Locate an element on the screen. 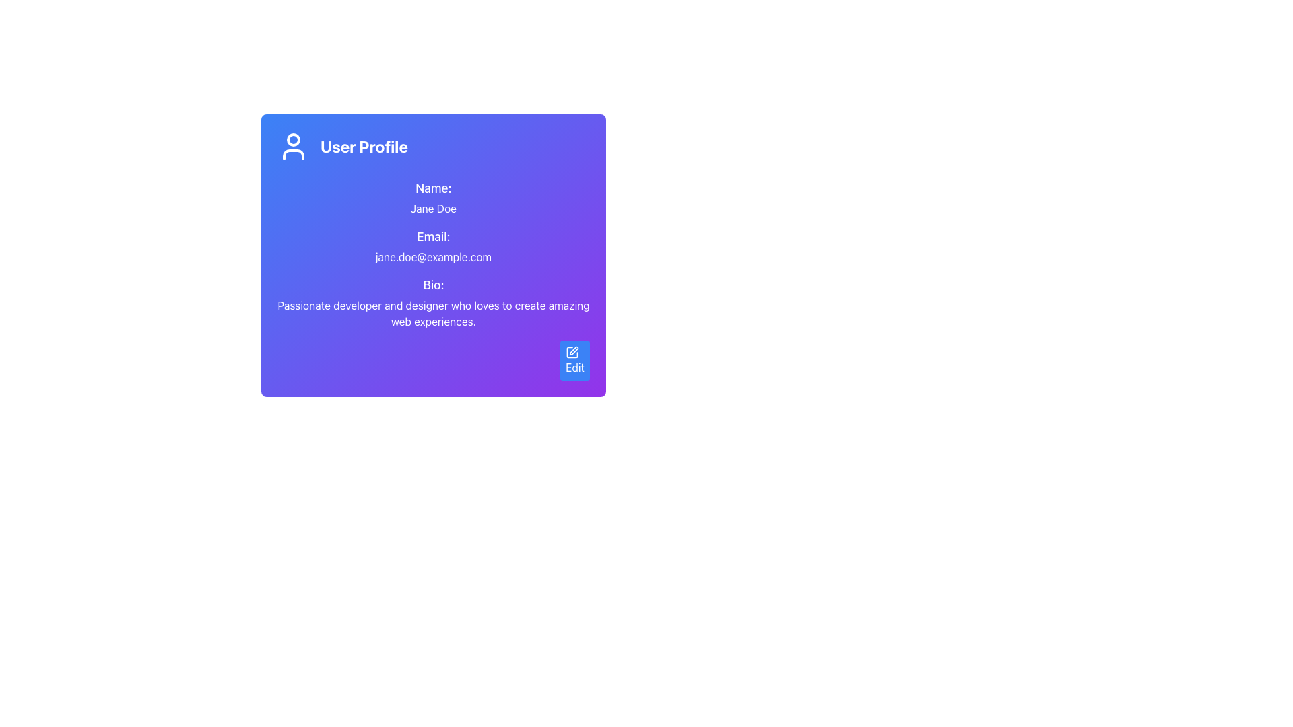 The height and width of the screenshot is (727, 1293). the 'edit' icon located inside the 'Edit' button at the bottom-right corner of the user profile card is located at coordinates (572, 352).